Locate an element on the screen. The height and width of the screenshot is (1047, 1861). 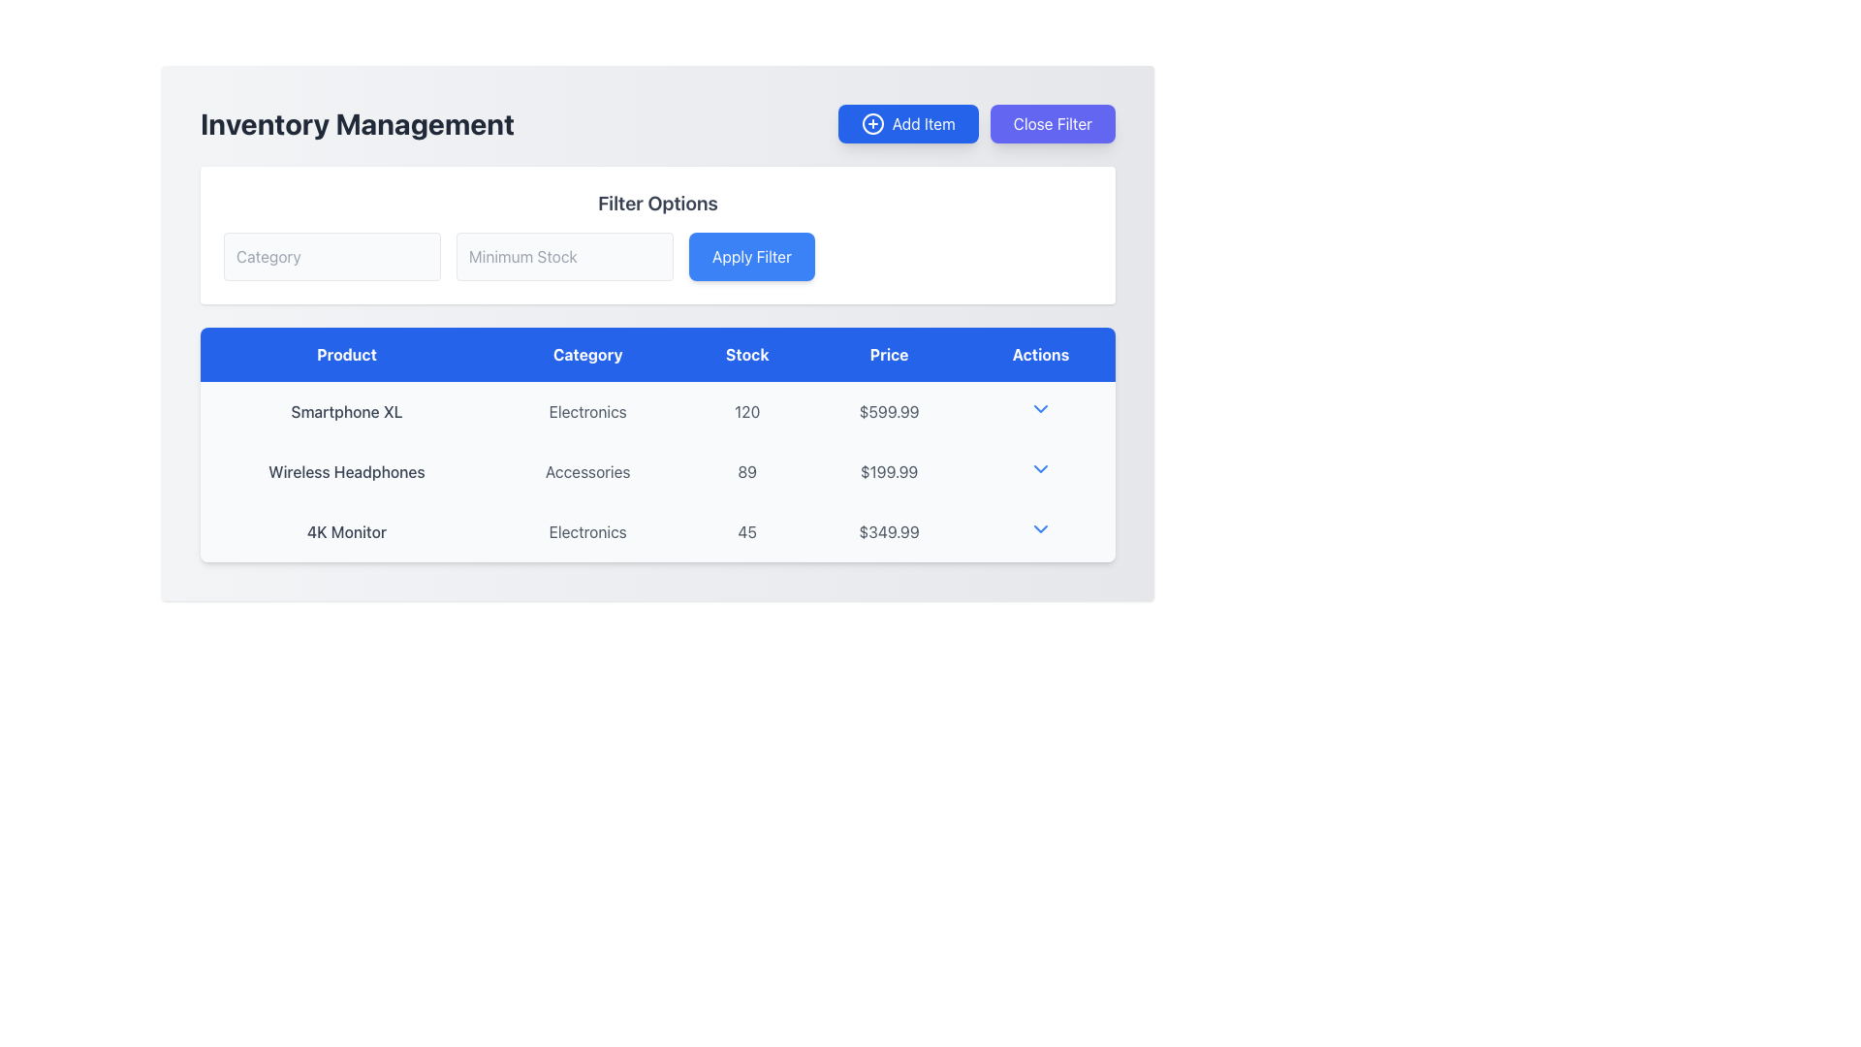
the Text Label indicating the product category in the second column of the last row of the table is located at coordinates (586, 531).